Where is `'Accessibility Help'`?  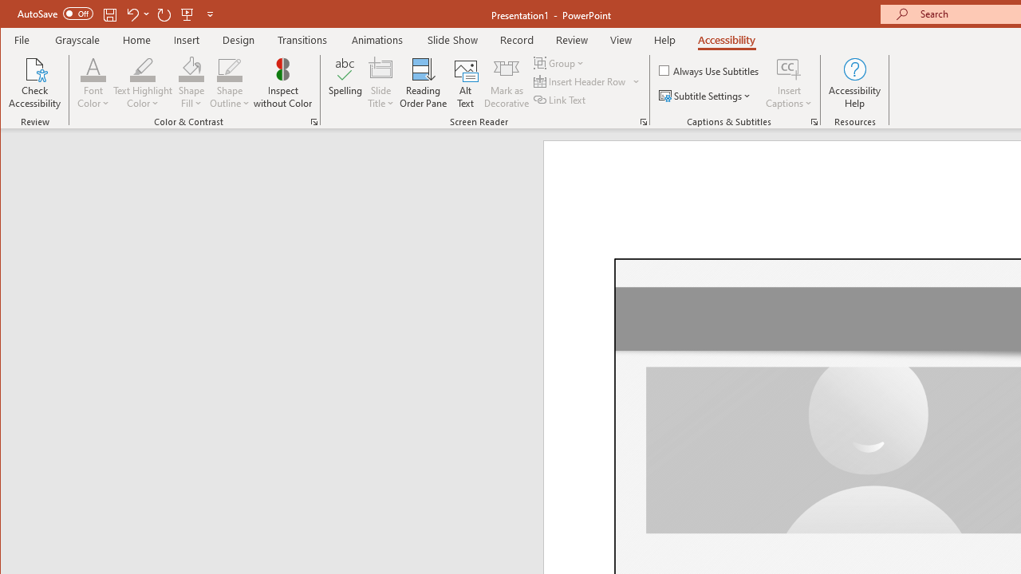 'Accessibility Help' is located at coordinates (854, 83).